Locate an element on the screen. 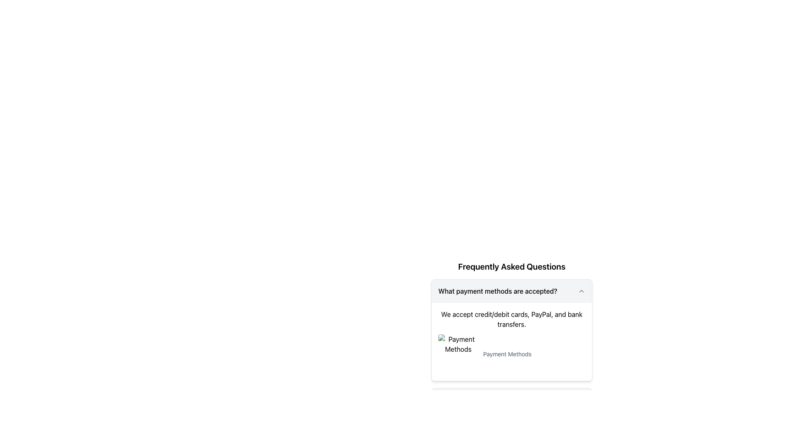  the 'Payment Methods' static text label, which is centrally aligned and located below the main description text is located at coordinates (511, 354).